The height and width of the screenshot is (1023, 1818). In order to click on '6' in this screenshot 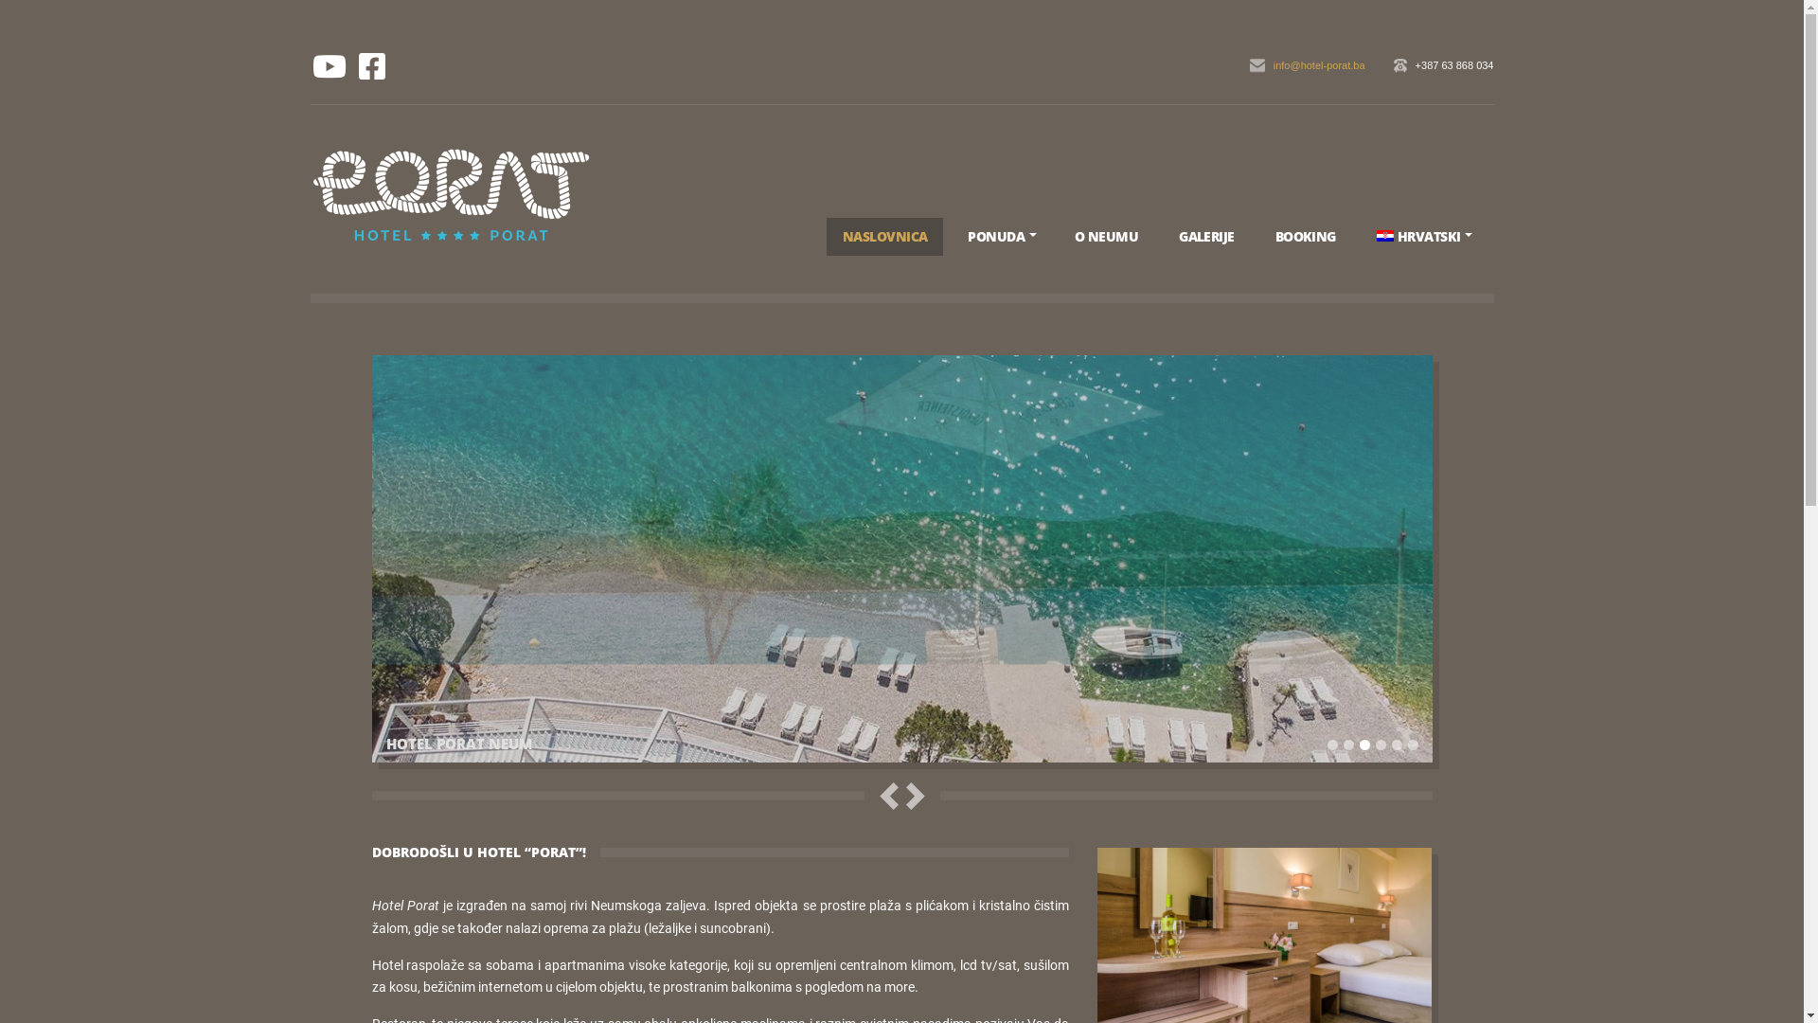, I will do `click(1412, 744)`.